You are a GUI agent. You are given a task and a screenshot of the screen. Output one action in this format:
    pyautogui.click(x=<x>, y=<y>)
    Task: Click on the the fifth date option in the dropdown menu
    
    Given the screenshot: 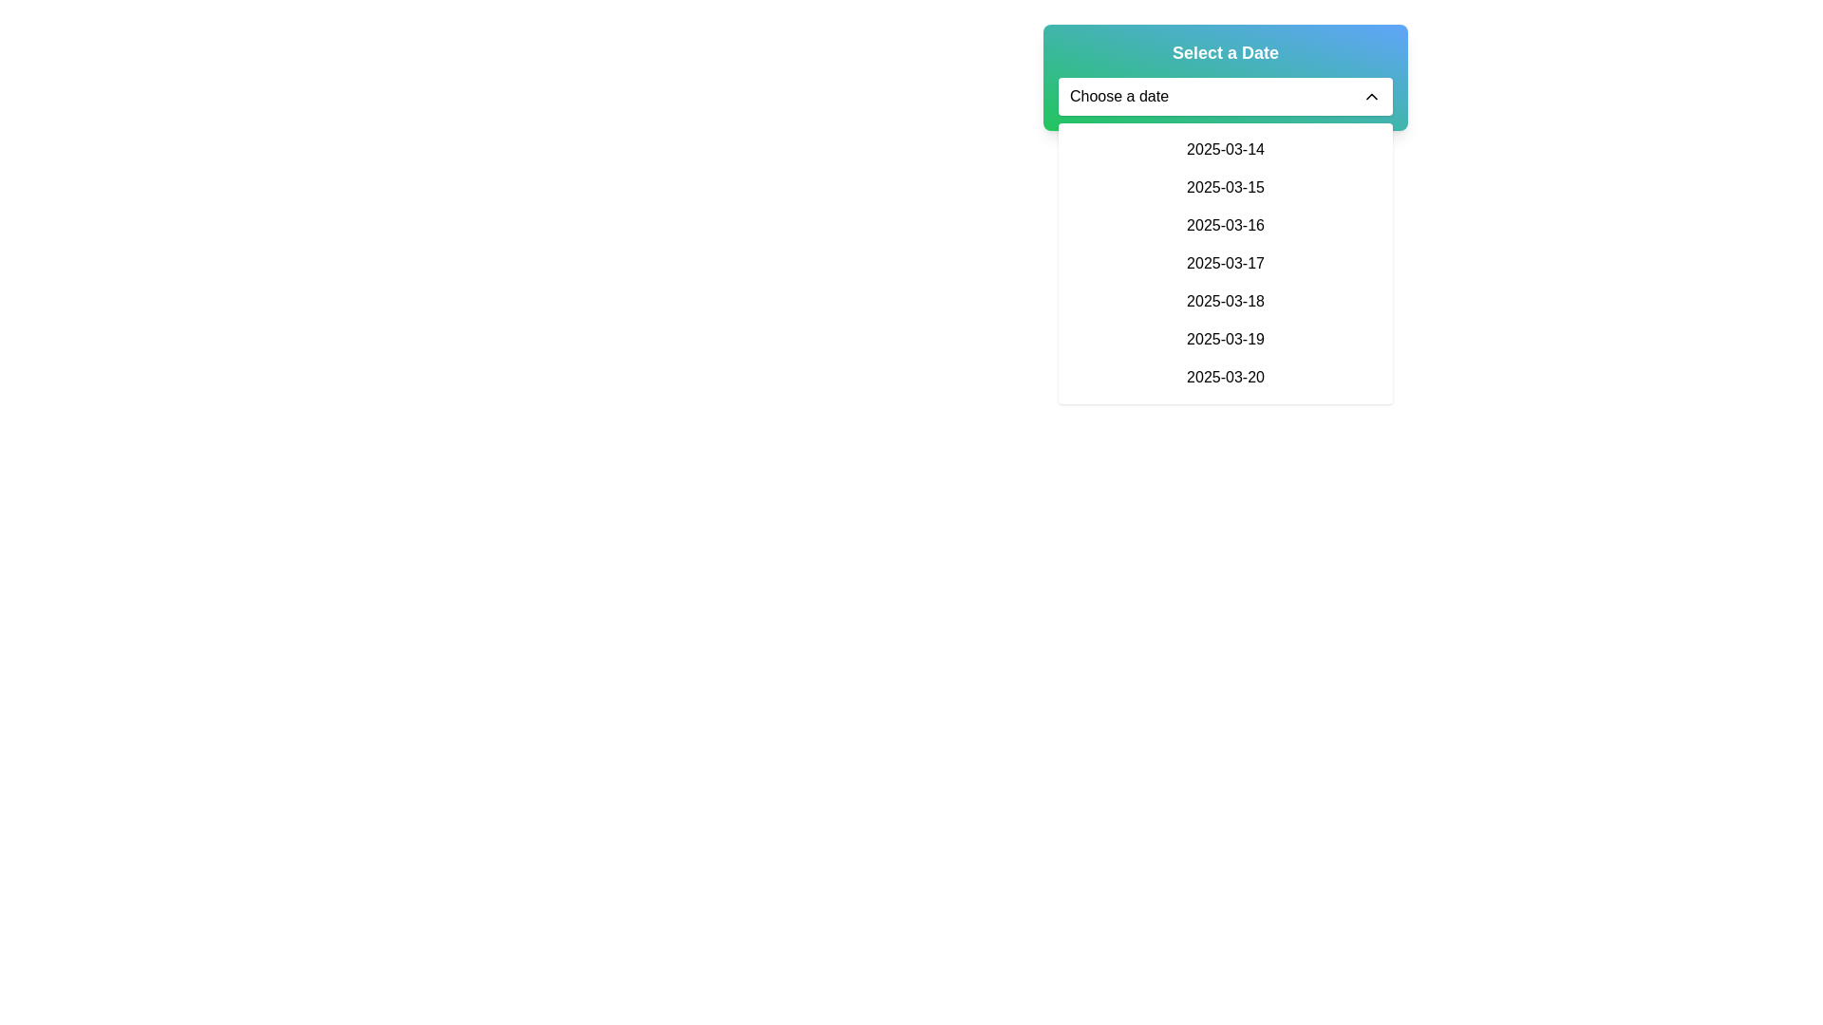 What is the action you would take?
    pyautogui.click(x=1226, y=300)
    